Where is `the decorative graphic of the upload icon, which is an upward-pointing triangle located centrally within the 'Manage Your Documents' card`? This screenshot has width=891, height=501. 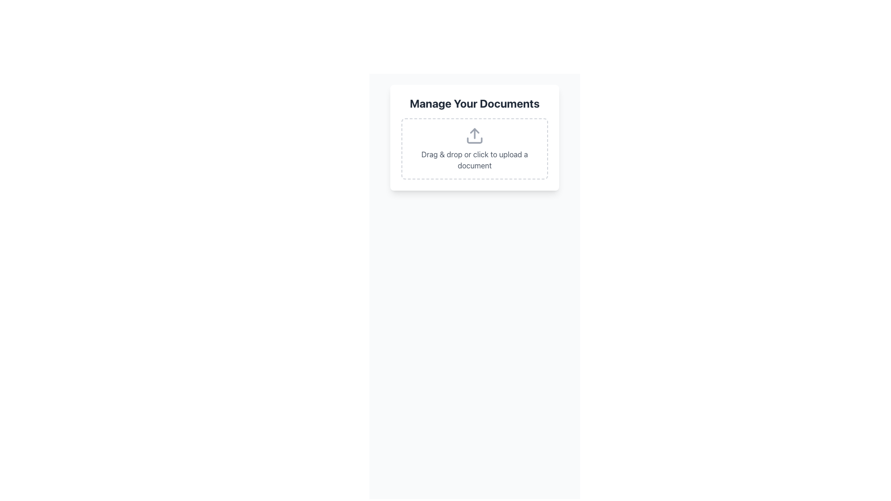
the decorative graphic of the upload icon, which is an upward-pointing triangle located centrally within the 'Manage Your Documents' card is located at coordinates (474, 131).